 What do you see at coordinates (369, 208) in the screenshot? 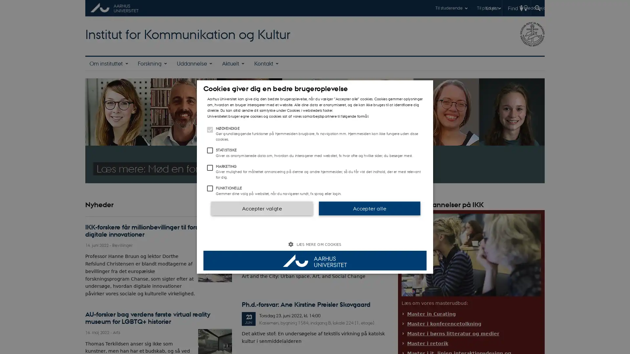
I see `Accepter alle` at bounding box center [369, 208].